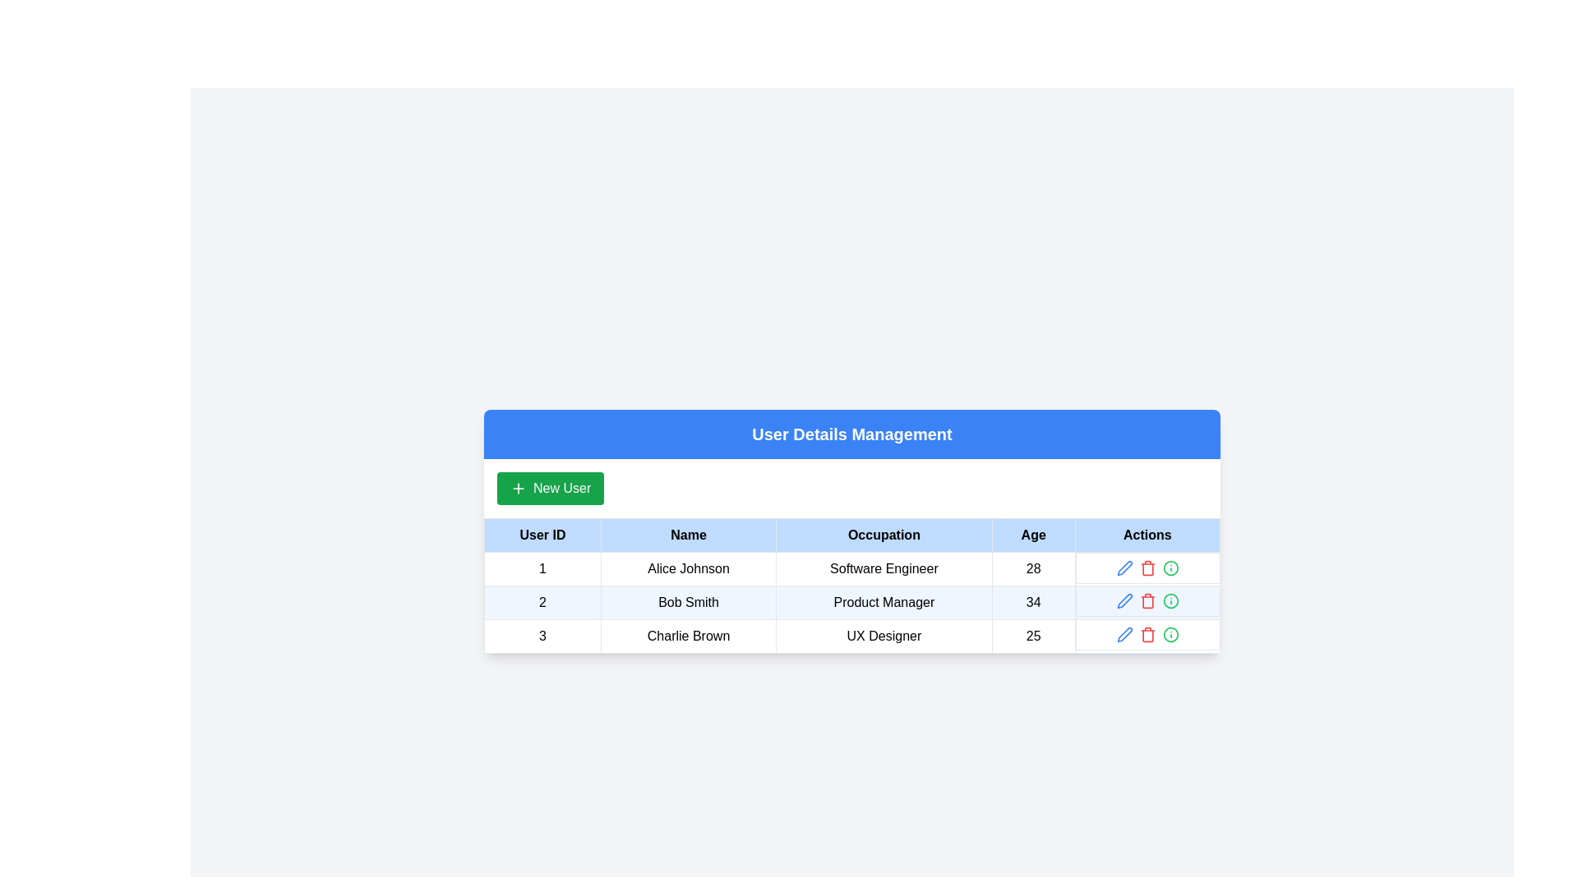 The width and height of the screenshot is (1578, 887). What do you see at coordinates (1147, 567) in the screenshot?
I see `the red delete icon in the Action button group located at the rightmost part of the first row of the table under the 'Actions' column to confirm deletion` at bounding box center [1147, 567].